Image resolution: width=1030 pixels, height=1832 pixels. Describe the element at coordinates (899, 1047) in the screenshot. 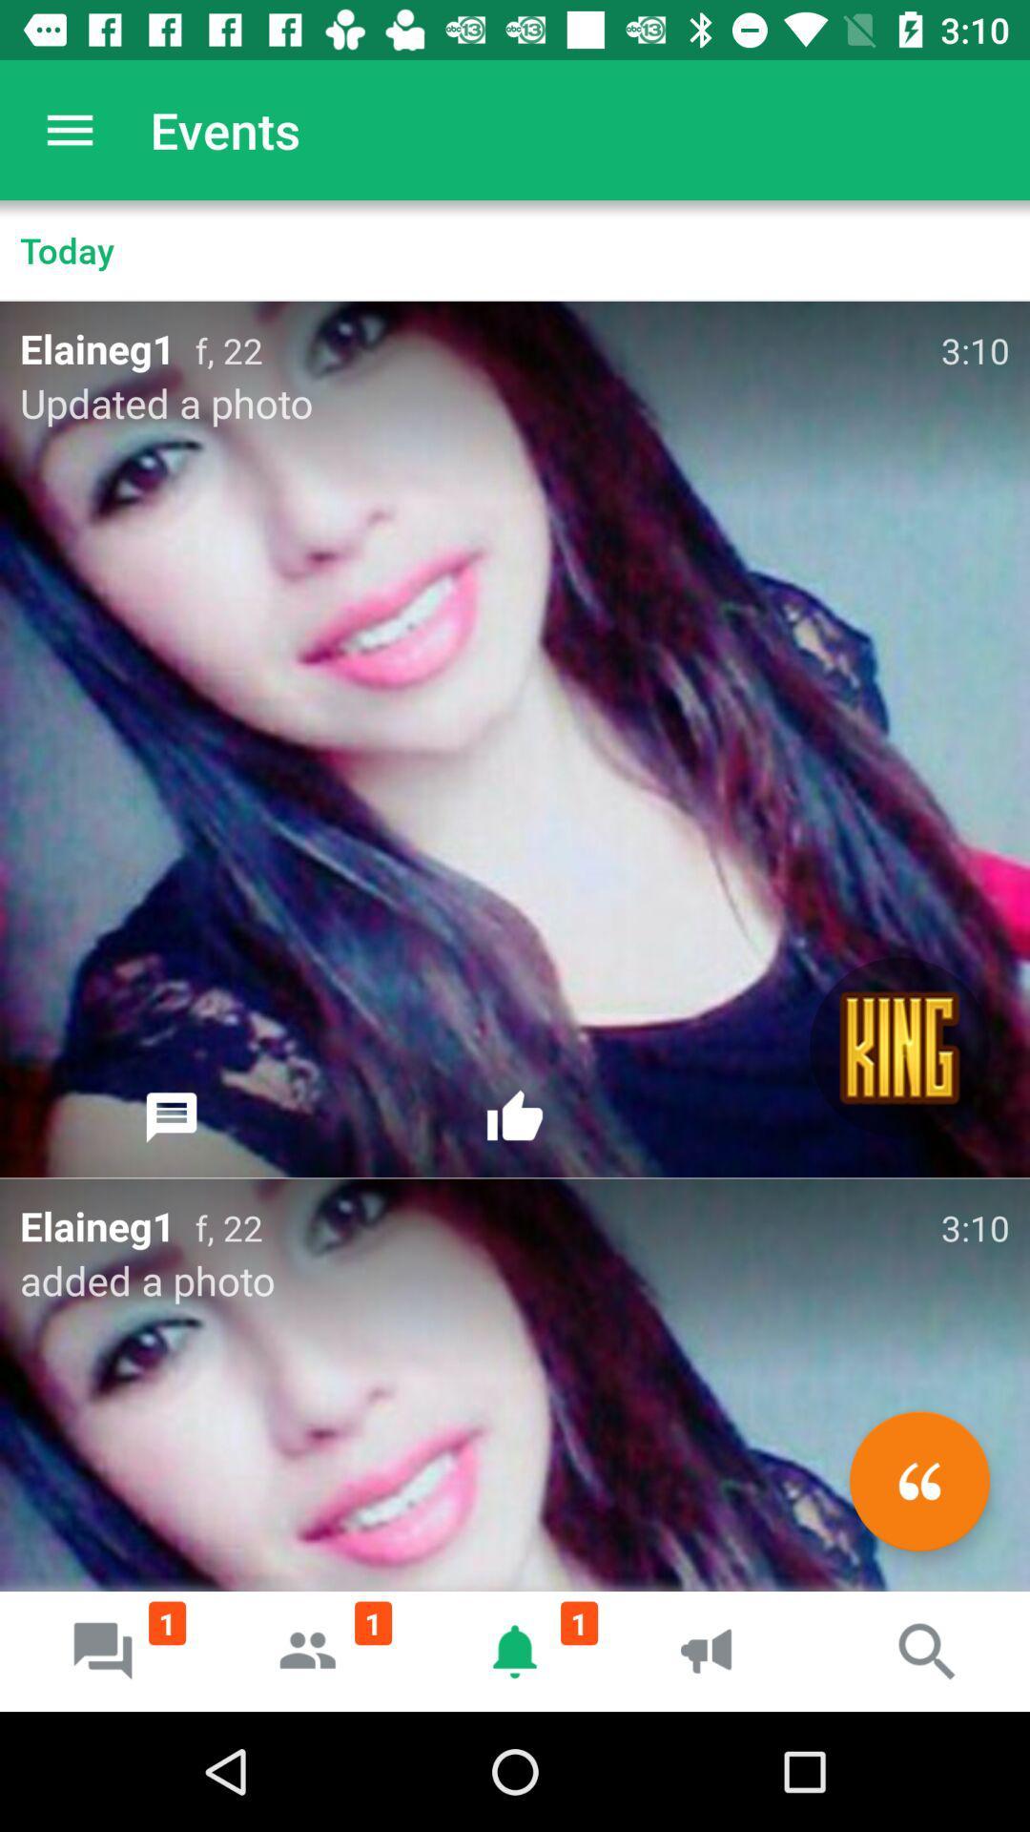

I see `item on the right` at that location.